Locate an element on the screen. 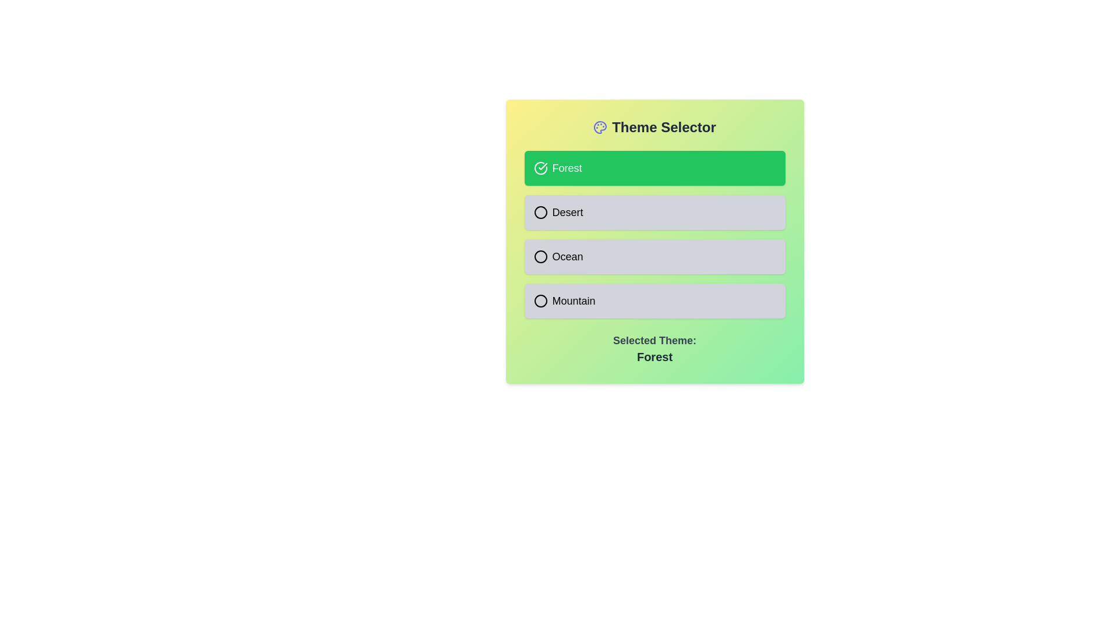 The height and width of the screenshot is (629, 1118). the theme option Forest to select it is located at coordinates (654, 168).